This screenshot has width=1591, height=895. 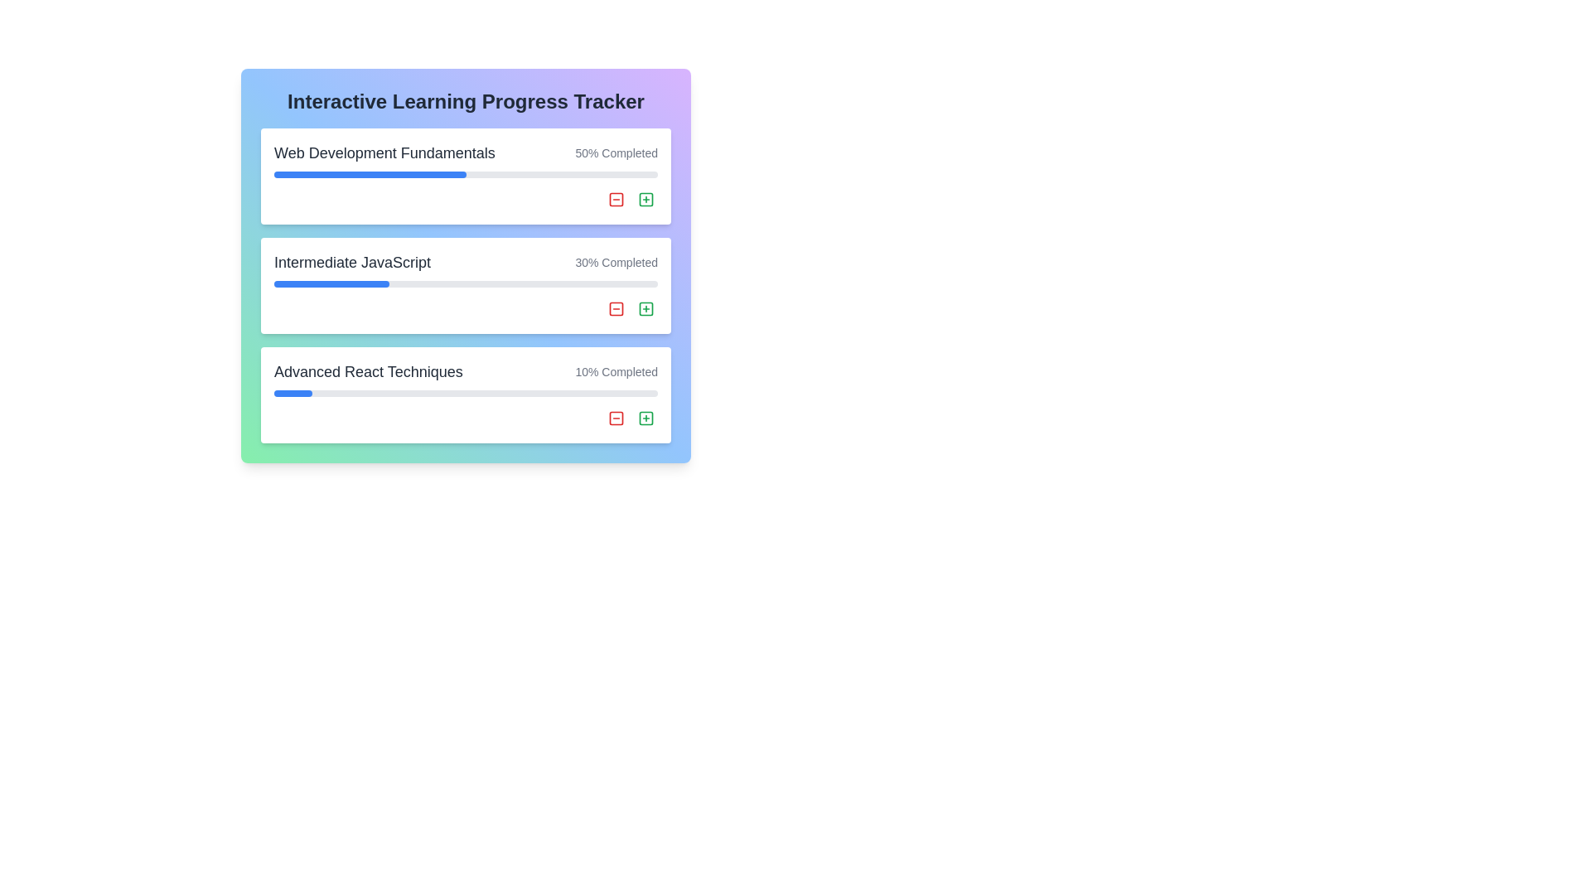 I want to click on the green '+' button located at the end of the second progress bar (Intermediate JavaScript), so click(x=645, y=309).